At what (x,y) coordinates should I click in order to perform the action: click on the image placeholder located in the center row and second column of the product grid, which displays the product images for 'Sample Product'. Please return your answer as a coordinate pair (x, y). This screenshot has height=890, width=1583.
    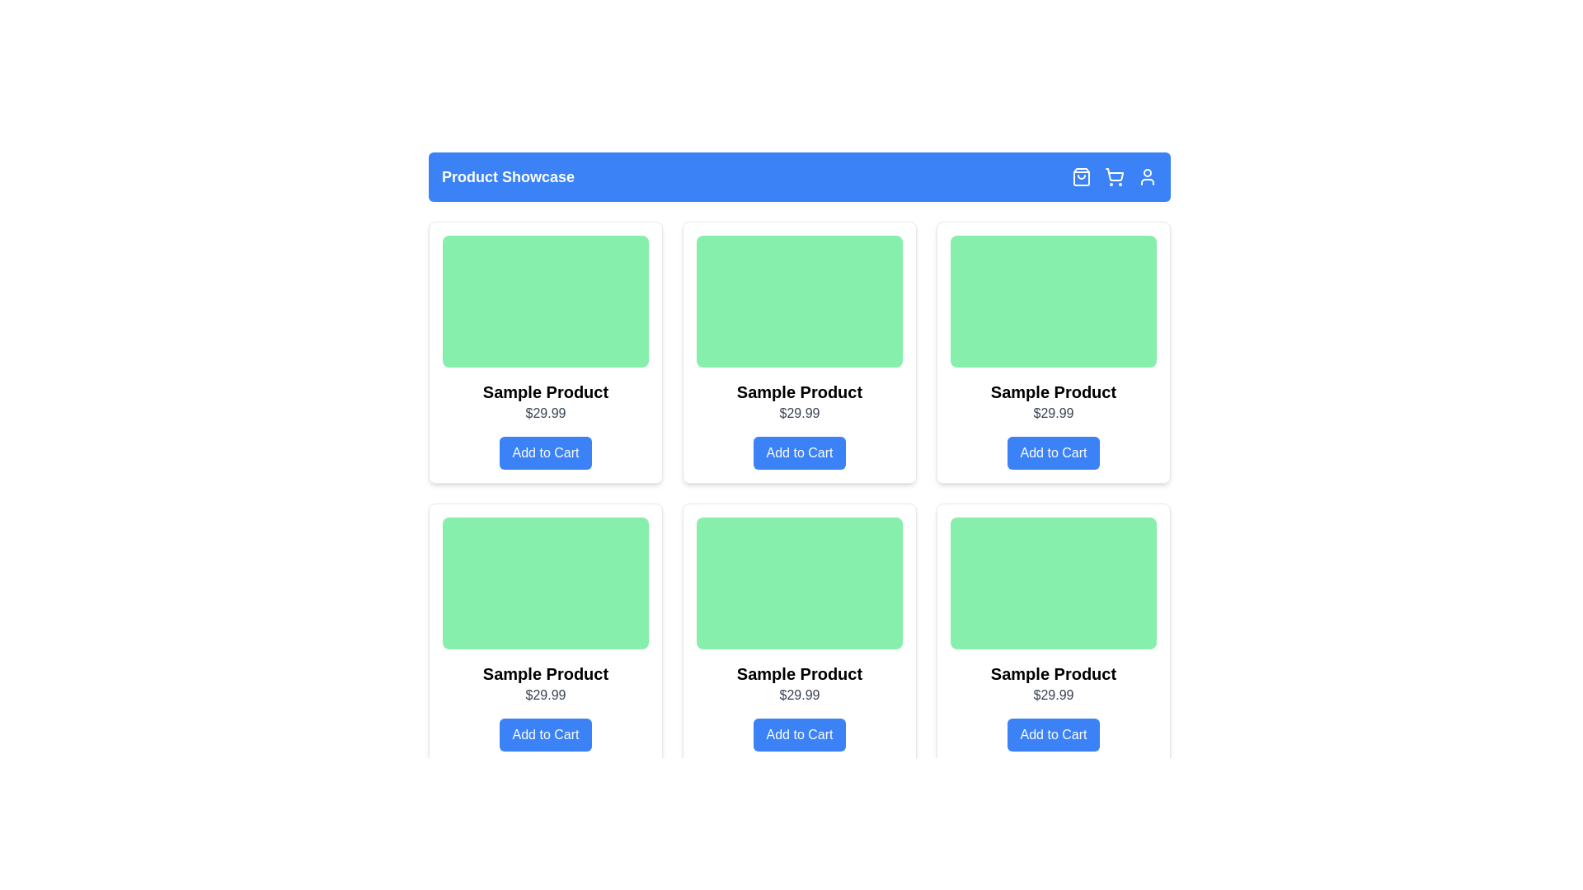
    Looking at the image, I should click on (799, 583).